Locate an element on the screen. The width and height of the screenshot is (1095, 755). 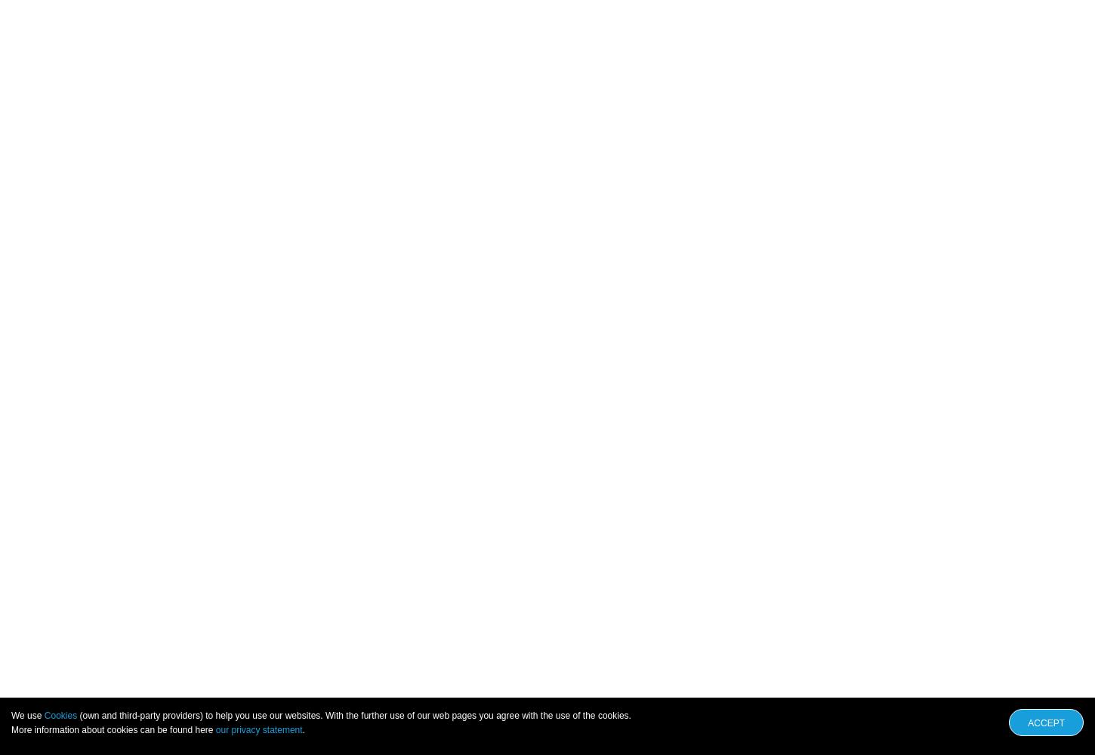
'Cookies' is located at coordinates (60, 715).